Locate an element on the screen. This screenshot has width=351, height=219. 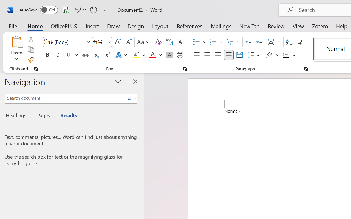
'OfficePLUS' is located at coordinates (64, 26).